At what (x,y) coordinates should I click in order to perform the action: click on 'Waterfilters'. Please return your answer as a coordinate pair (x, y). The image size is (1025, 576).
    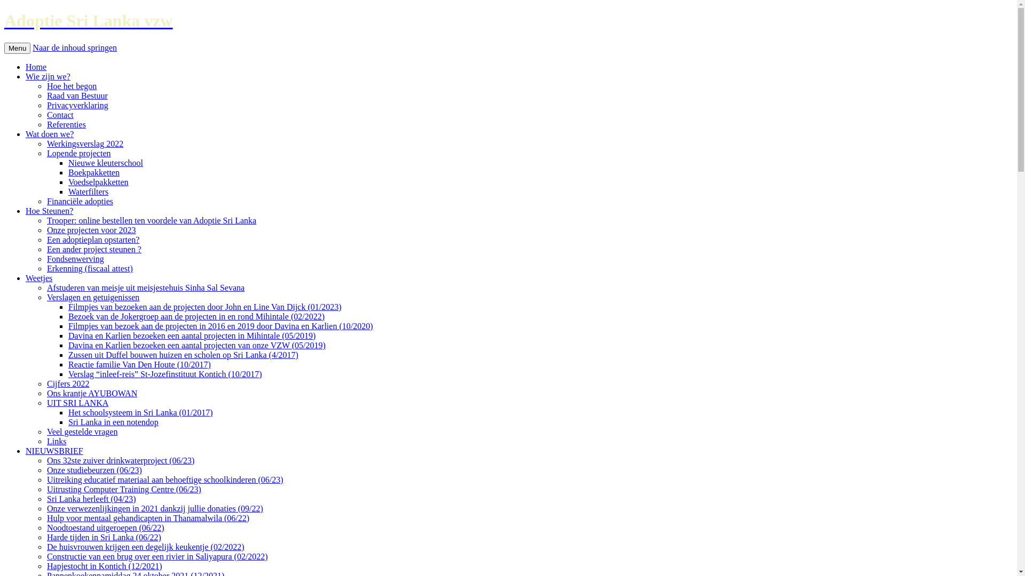
    Looking at the image, I should click on (88, 191).